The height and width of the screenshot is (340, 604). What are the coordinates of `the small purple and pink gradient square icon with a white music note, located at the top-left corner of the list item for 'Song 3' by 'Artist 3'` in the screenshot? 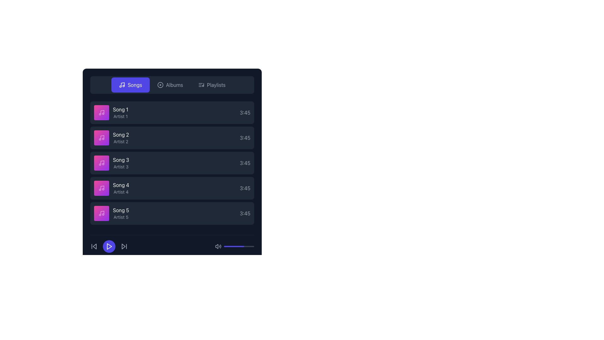 It's located at (101, 162).